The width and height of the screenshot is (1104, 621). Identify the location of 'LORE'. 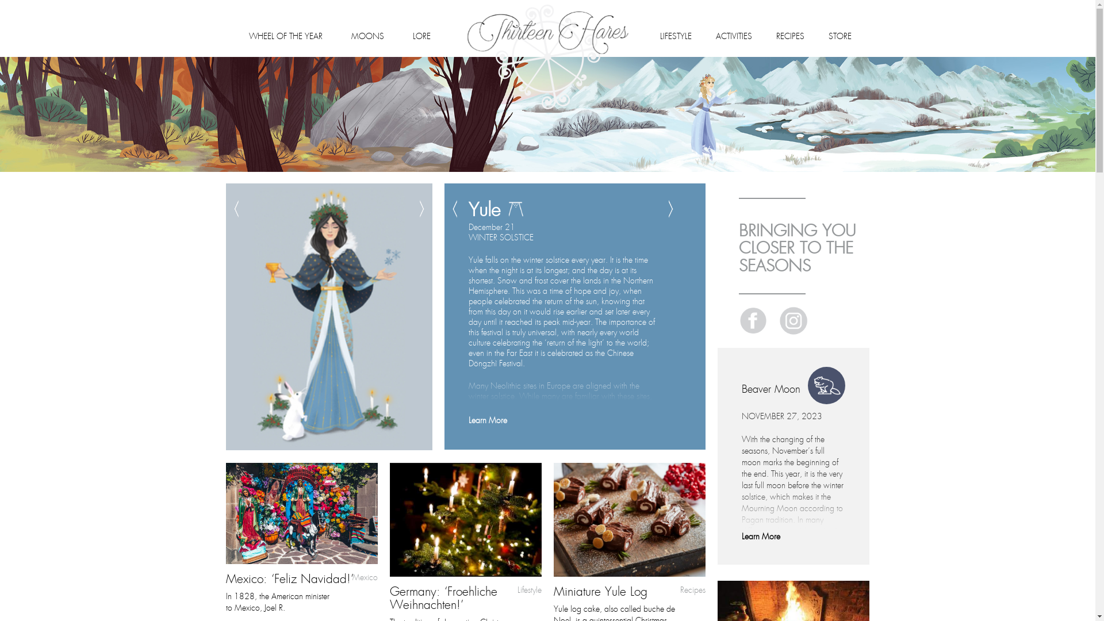
(413, 34).